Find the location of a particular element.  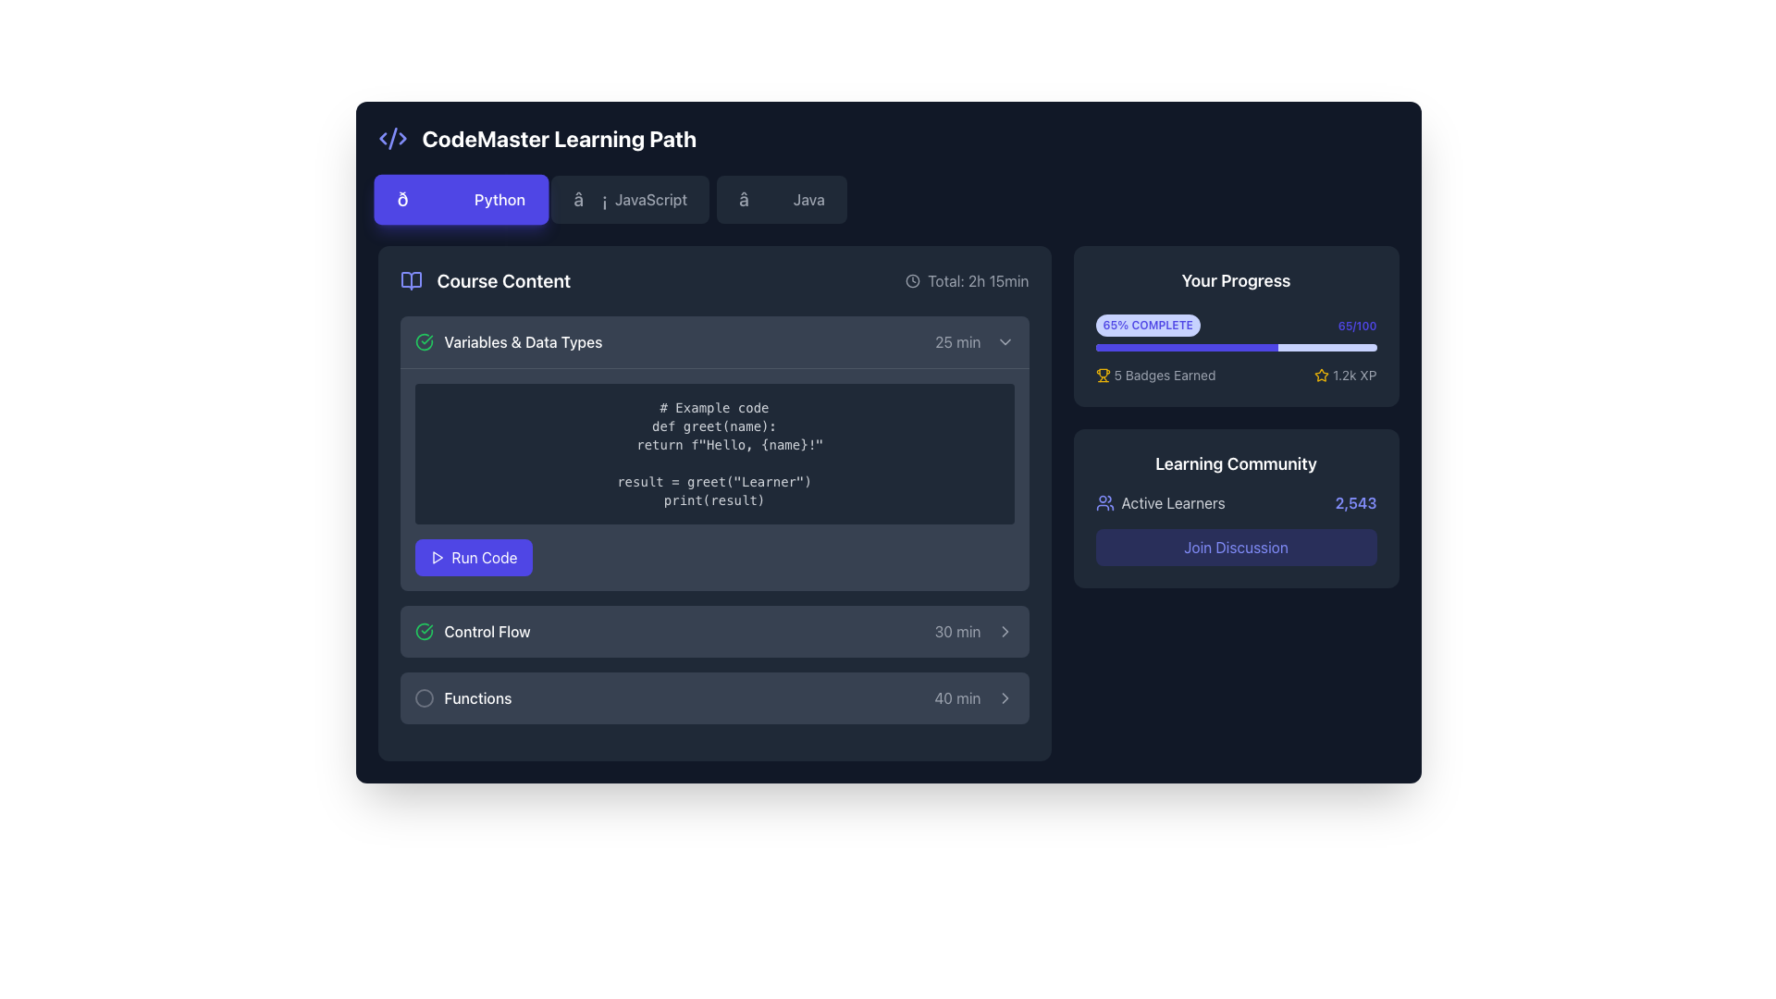

text label displaying the total estimated time duration of content or tasks in the top-right corner of the 'Course Content' section, next to the clock icon is located at coordinates (977, 281).